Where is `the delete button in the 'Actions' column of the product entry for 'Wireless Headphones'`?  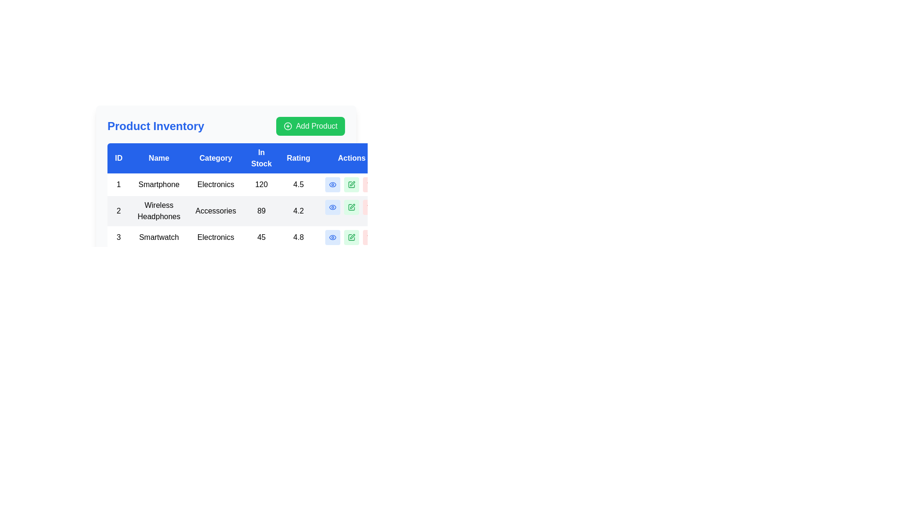 the delete button in the 'Actions' column of the product entry for 'Wireless Headphones' is located at coordinates (370, 206).